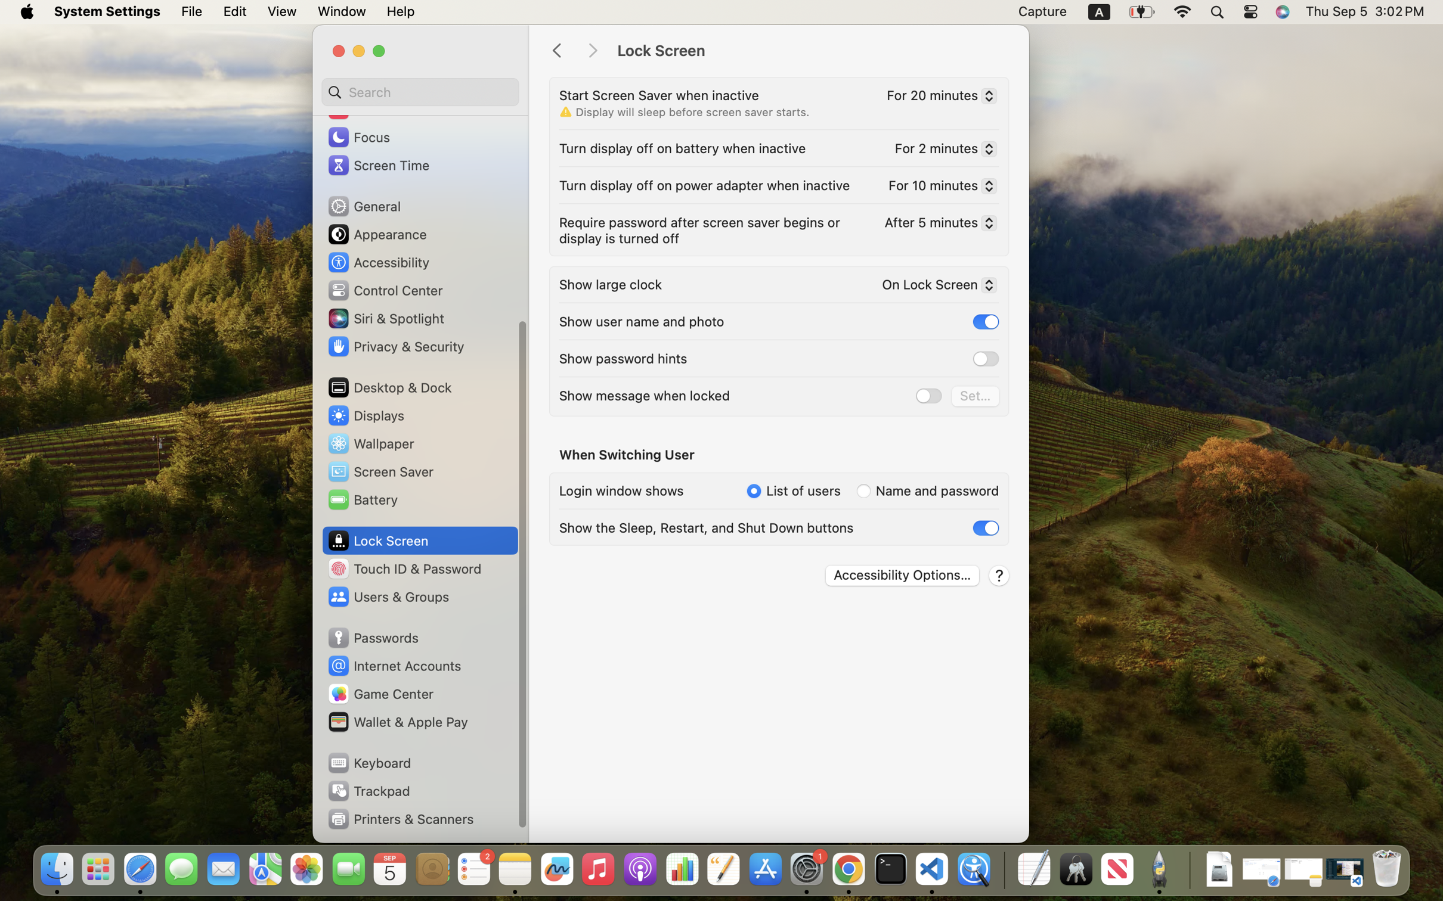  I want to click on 'Warning Display will sleep before screen saver starts.', so click(683, 111).